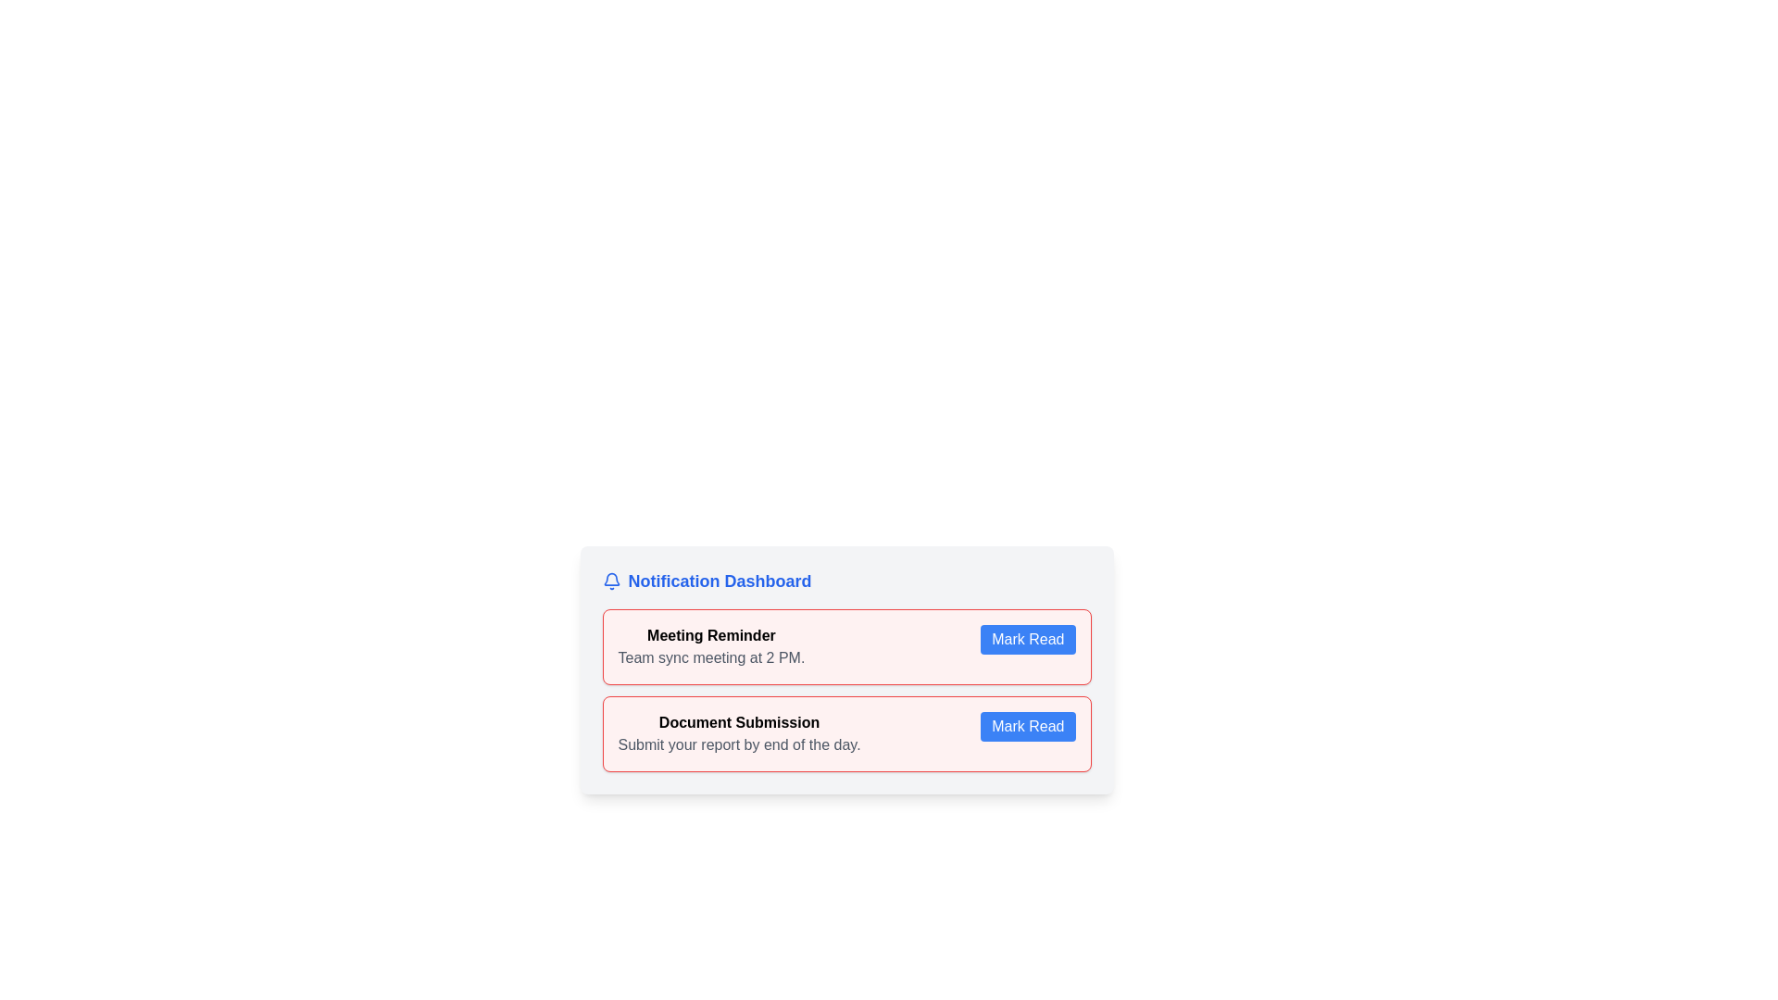 This screenshot has height=1000, width=1778. I want to click on the bolded text label reading 'Document Submission' located at the top of the notification card below the 'Meeting Reminder' title, so click(738, 721).